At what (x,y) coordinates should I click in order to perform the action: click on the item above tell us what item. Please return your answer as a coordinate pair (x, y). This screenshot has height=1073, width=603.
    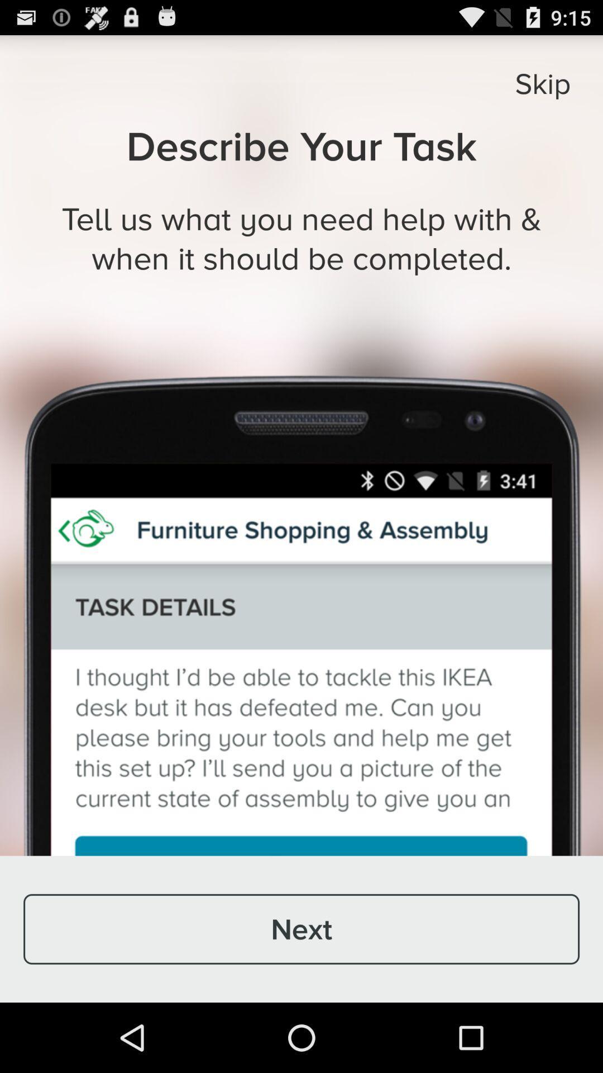
    Looking at the image, I should click on (542, 83).